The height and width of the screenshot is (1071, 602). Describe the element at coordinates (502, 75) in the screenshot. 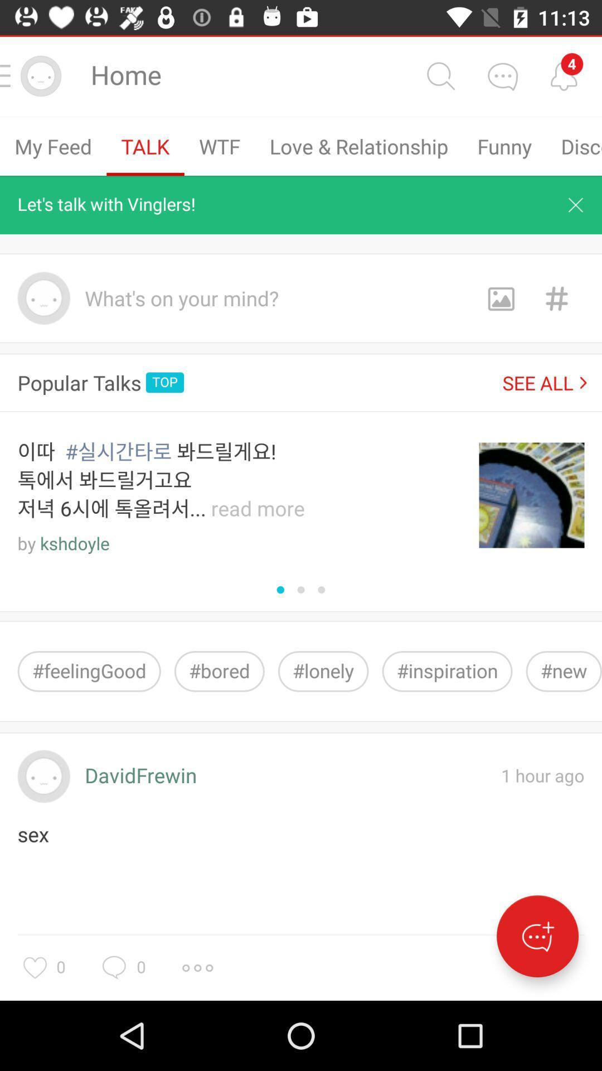

I see `chat` at that location.